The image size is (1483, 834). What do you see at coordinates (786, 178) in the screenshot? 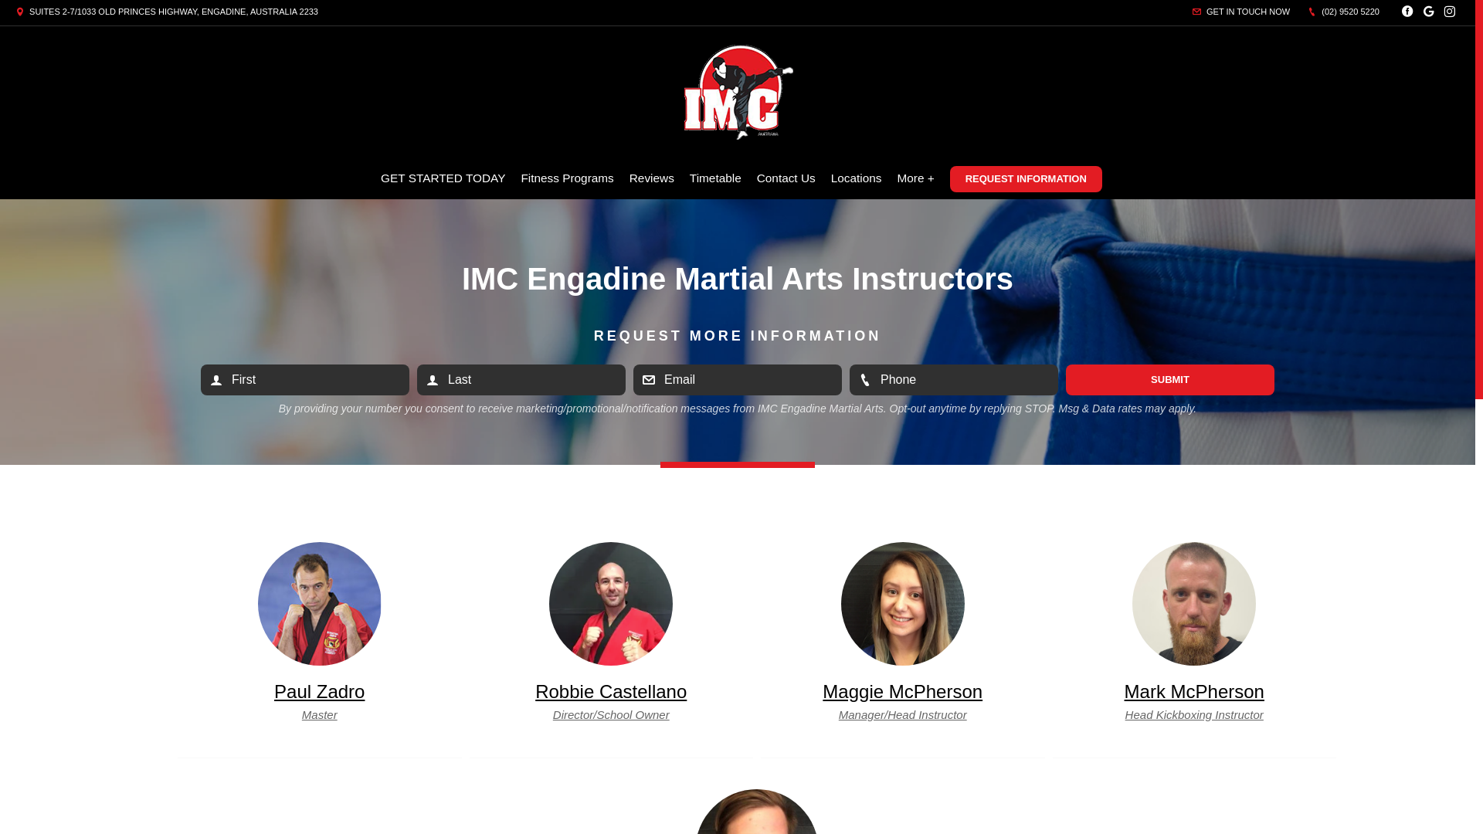
I see `'Contact Us'` at bounding box center [786, 178].